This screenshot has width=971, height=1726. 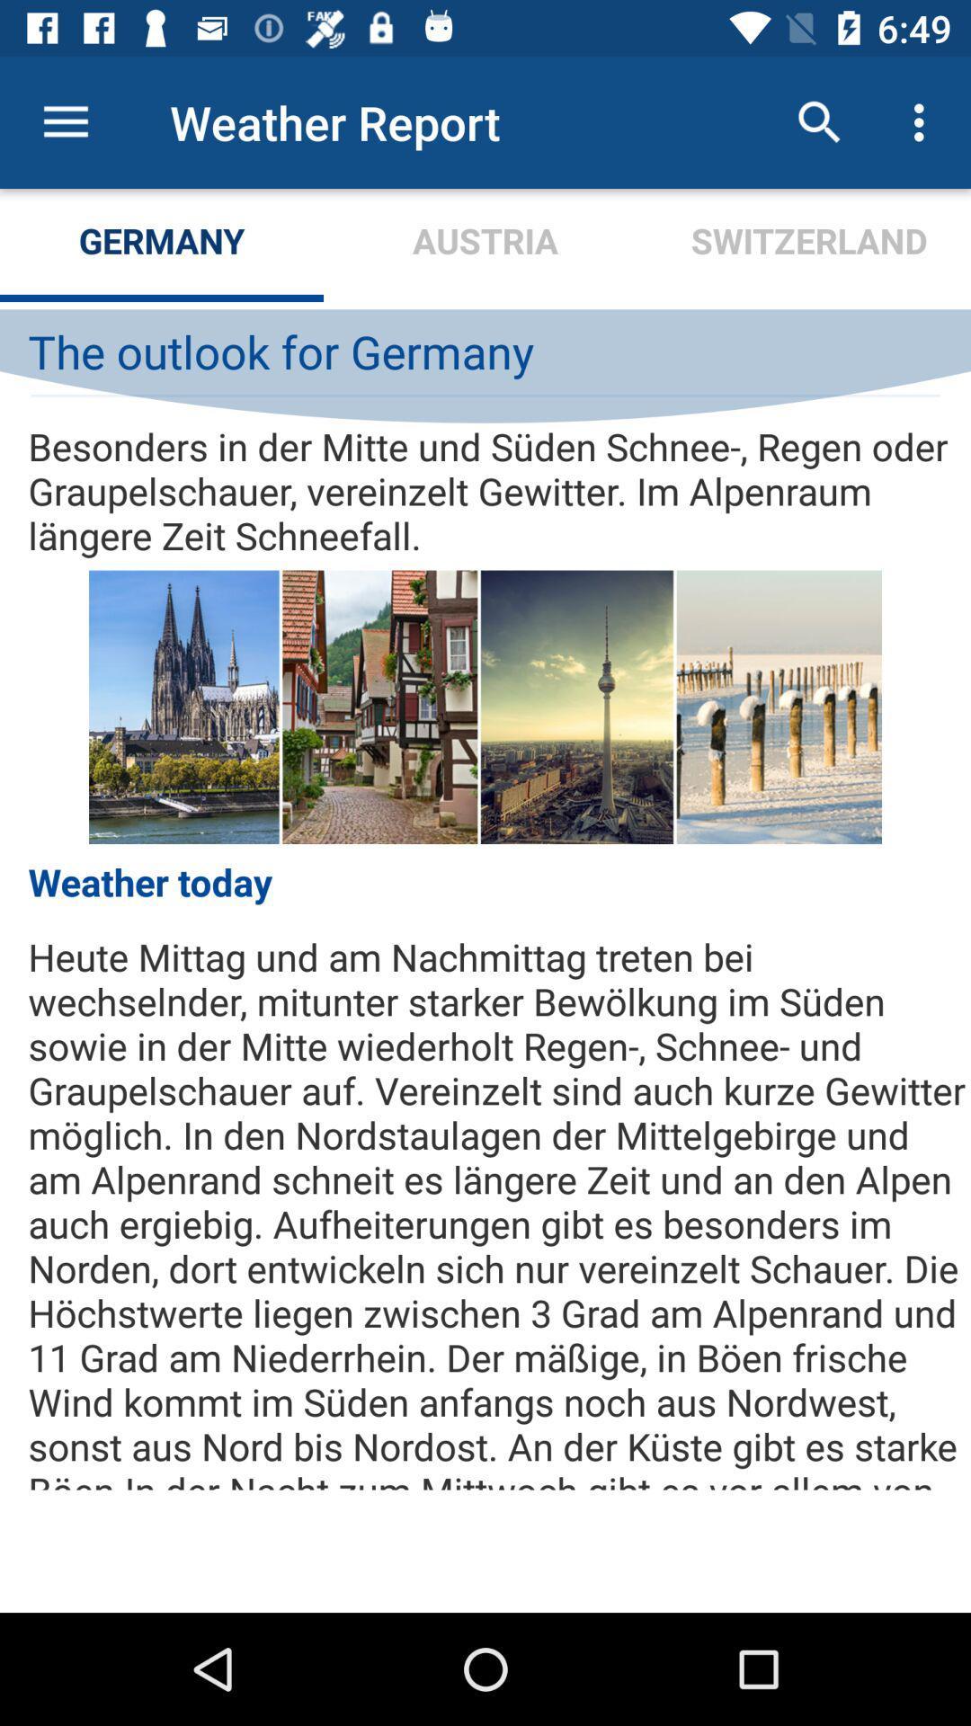 What do you see at coordinates (923, 121) in the screenshot?
I see `the item above the switzerland item` at bounding box center [923, 121].